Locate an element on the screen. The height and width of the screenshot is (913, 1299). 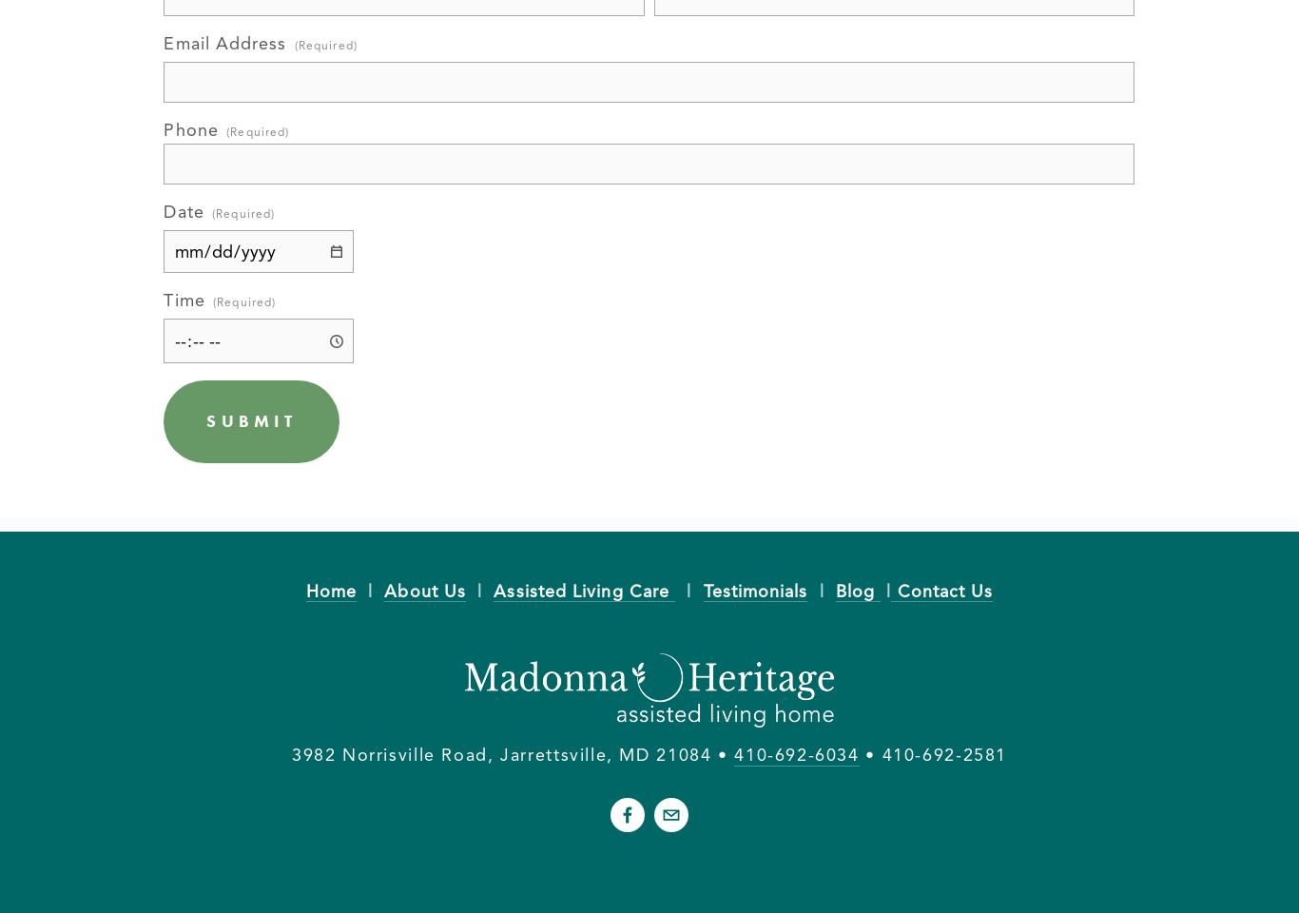
'Testimonials' is located at coordinates (755, 589).